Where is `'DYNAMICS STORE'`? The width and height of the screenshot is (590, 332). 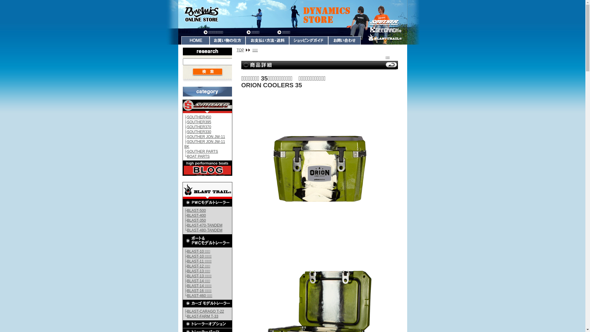 'DYNAMICS STORE' is located at coordinates (292, 14).